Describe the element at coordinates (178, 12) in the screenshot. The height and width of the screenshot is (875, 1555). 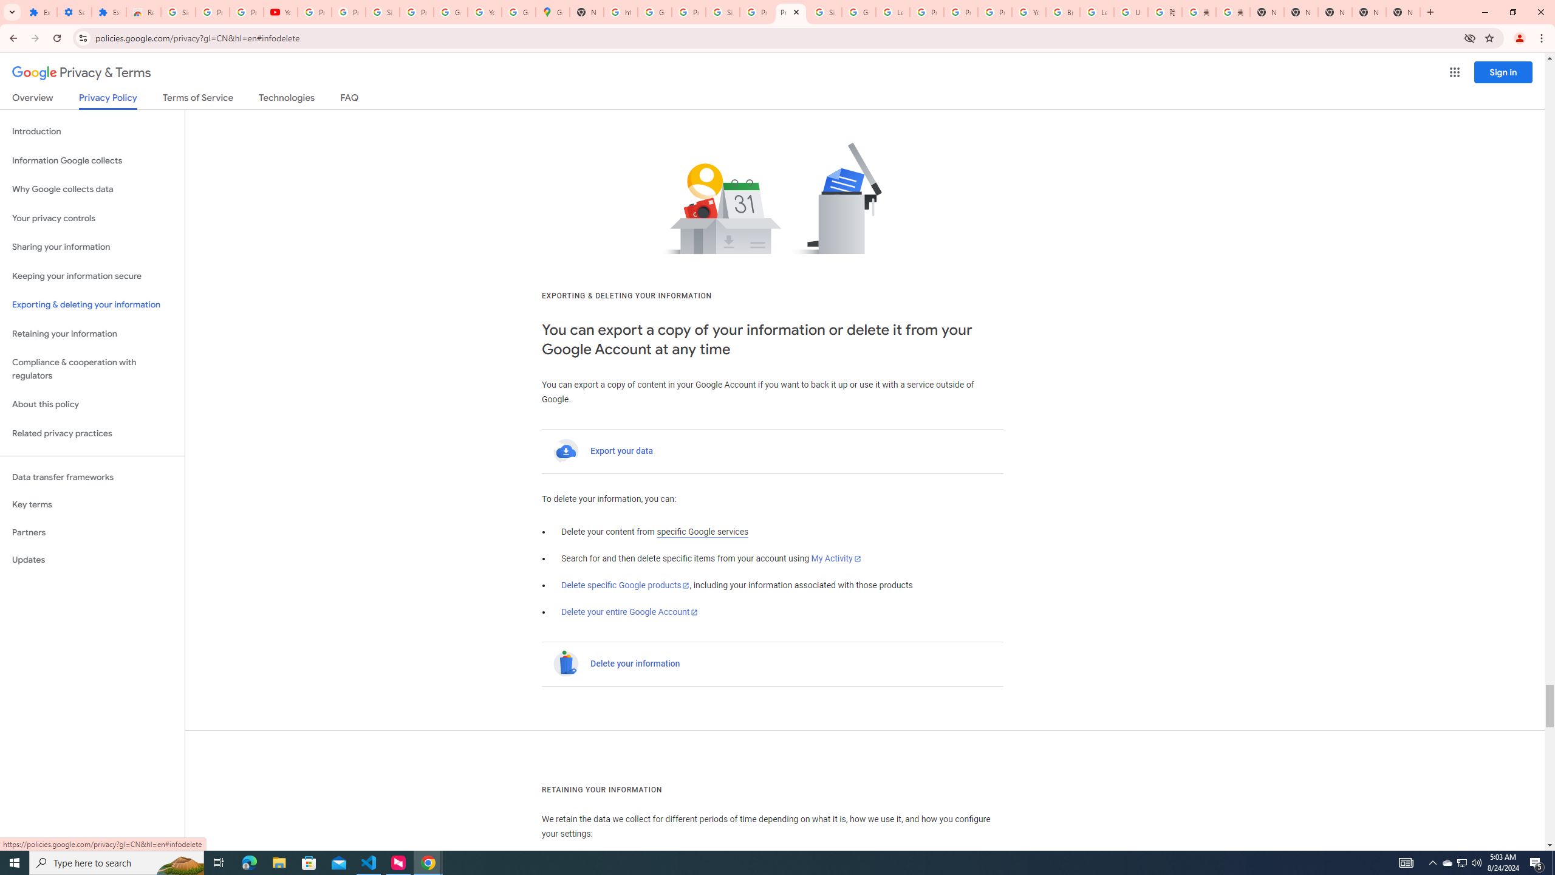
I see `'Sign in - Google Accounts'` at that location.